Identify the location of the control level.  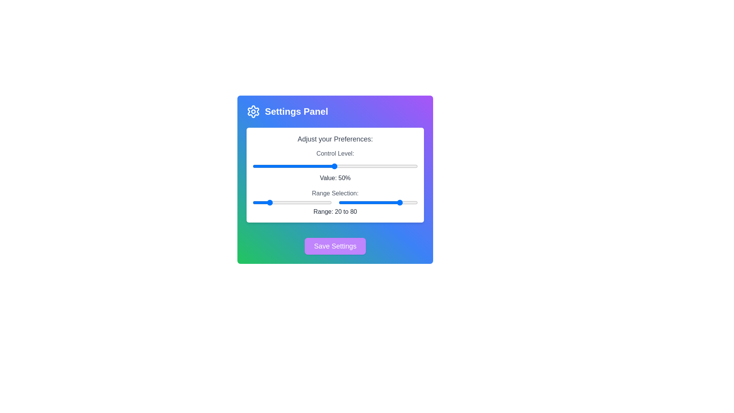
(319, 166).